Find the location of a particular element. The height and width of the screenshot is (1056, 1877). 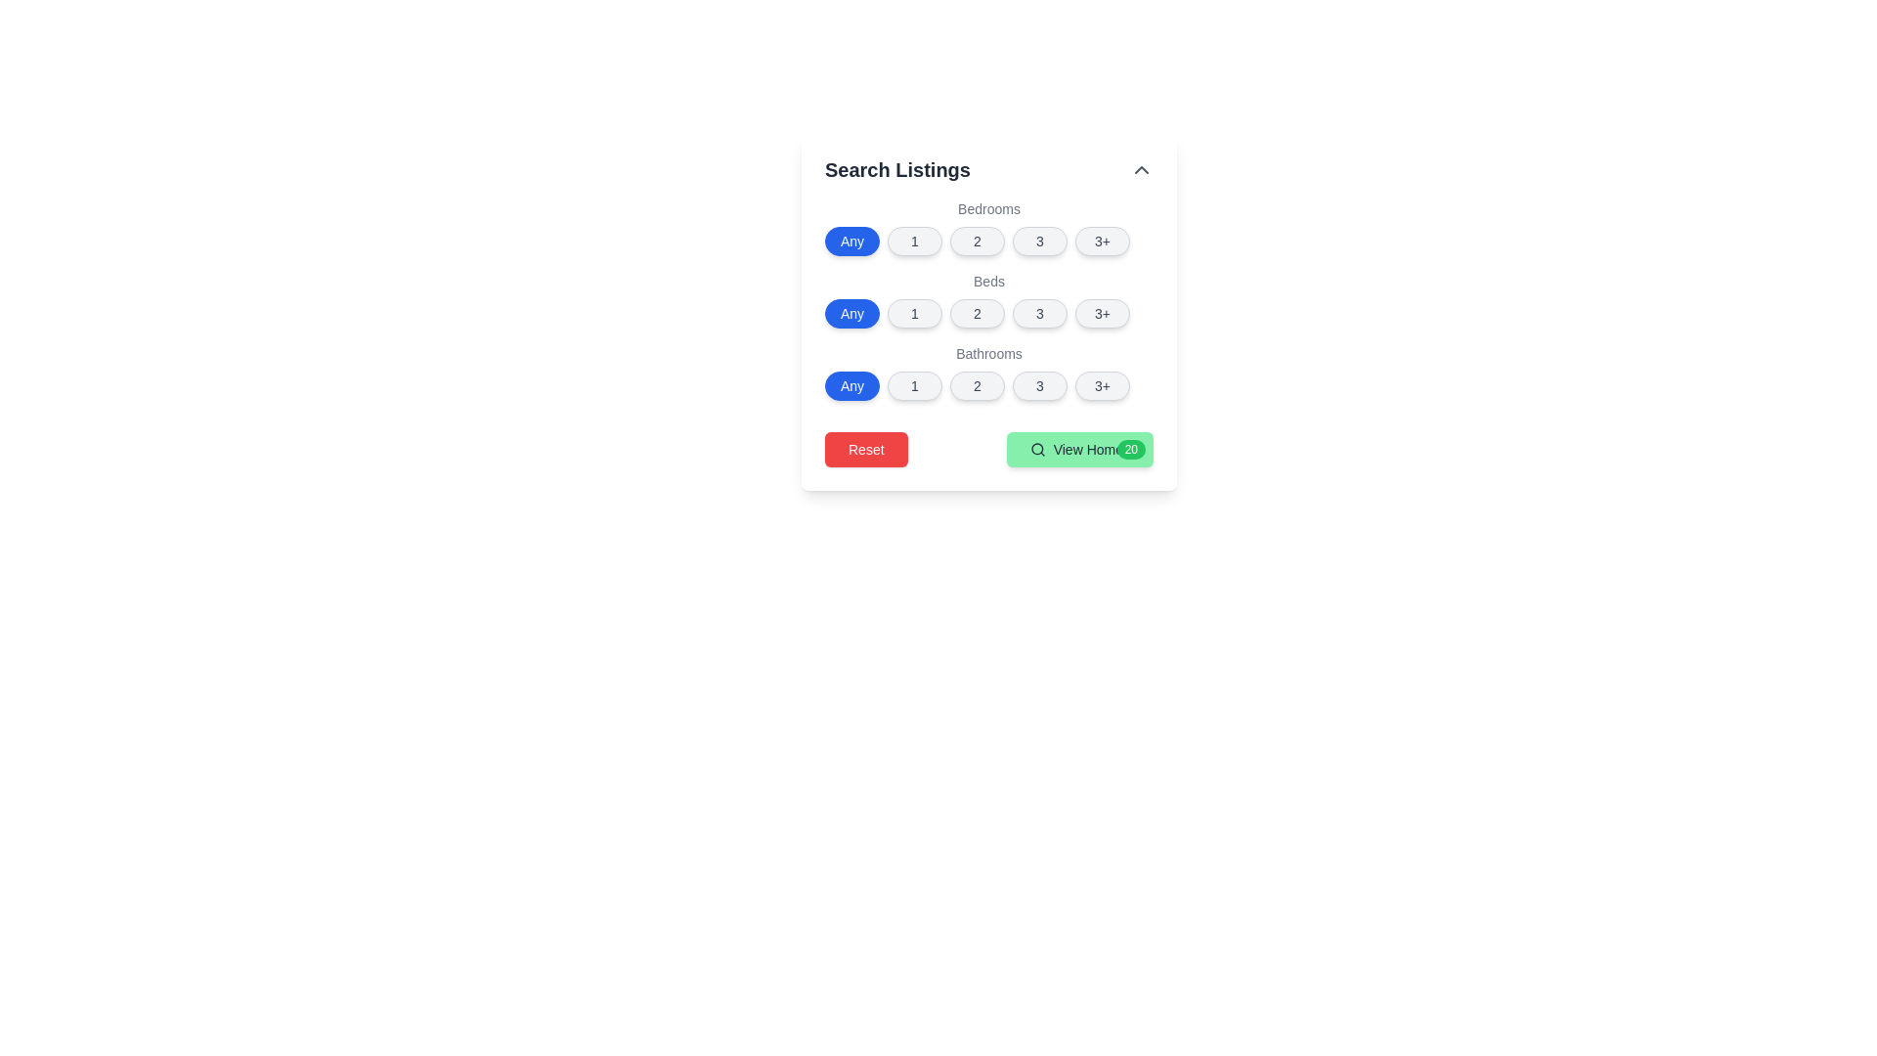

the text label that reads 'bedrooms', which is styled in small gray font and positioned above the interactive buttons for bedroom counts in the property search filter form is located at coordinates (989, 208).